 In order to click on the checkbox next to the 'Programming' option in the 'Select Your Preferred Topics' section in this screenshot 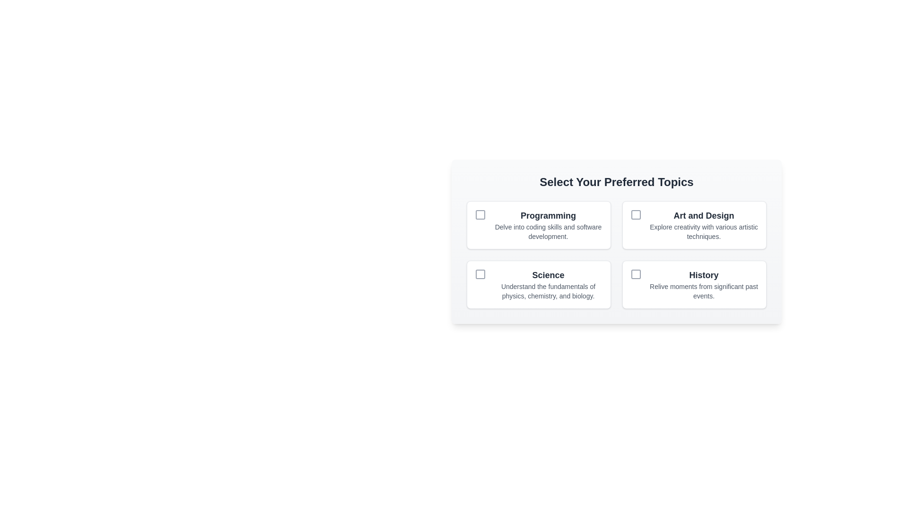, I will do `click(480, 215)`.